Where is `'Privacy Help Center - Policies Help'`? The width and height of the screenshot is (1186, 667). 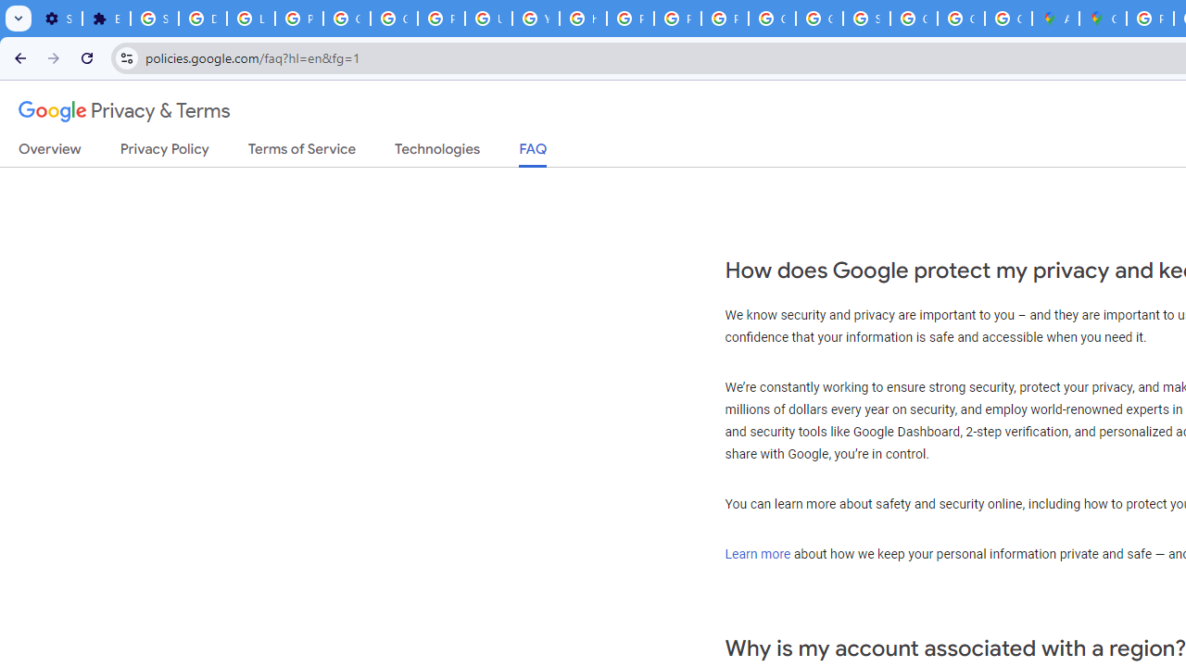 'Privacy Help Center - Policies Help' is located at coordinates (630, 19).